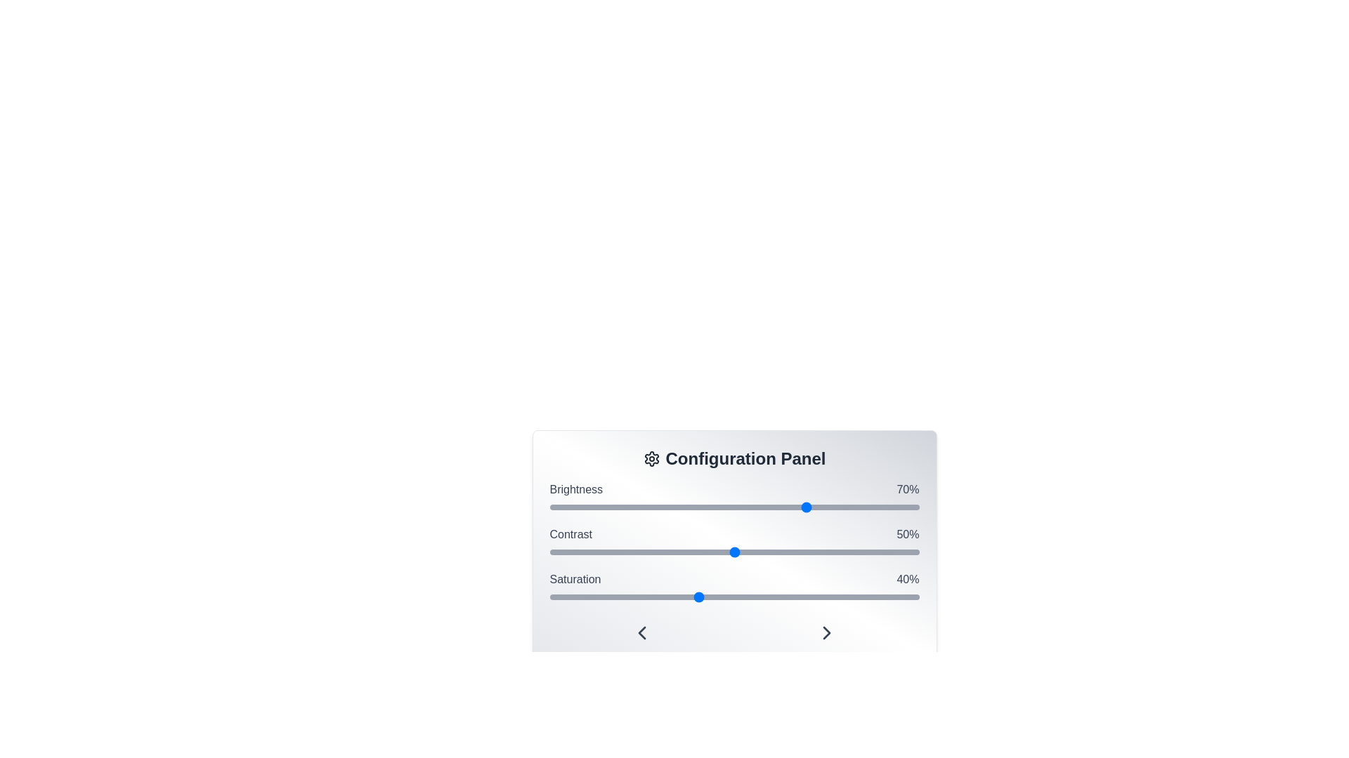 The image size is (1349, 758). What do you see at coordinates (641, 633) in the screenshot?
I see `the ChevronLeft icon to navigate left` at bounding box center [641, 633].